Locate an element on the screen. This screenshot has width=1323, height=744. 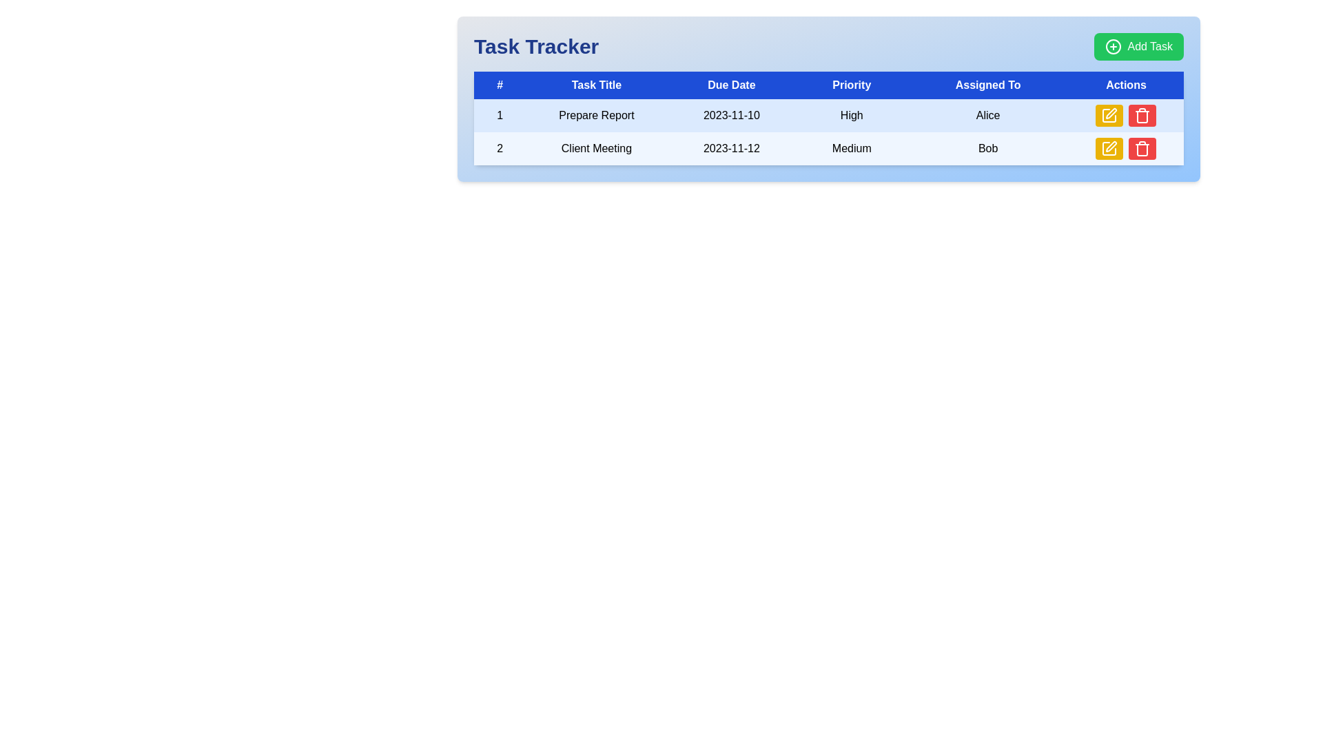
the delete button with a trash can icon, which has a bold red background and is located in the 'Actions' column of the second task titled 'Client Meeting' is located at coordinates (1142, 149).